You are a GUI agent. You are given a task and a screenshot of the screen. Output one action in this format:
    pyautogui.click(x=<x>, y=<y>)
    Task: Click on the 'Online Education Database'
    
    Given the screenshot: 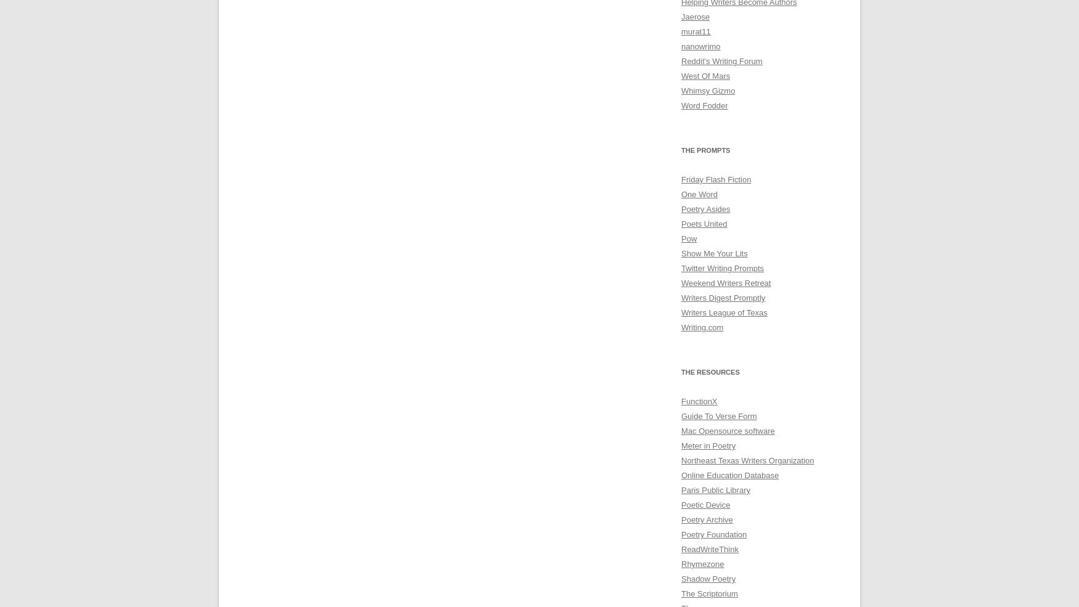 What is the action you would take?
    pyautogui.click(x=729, y=475)
    